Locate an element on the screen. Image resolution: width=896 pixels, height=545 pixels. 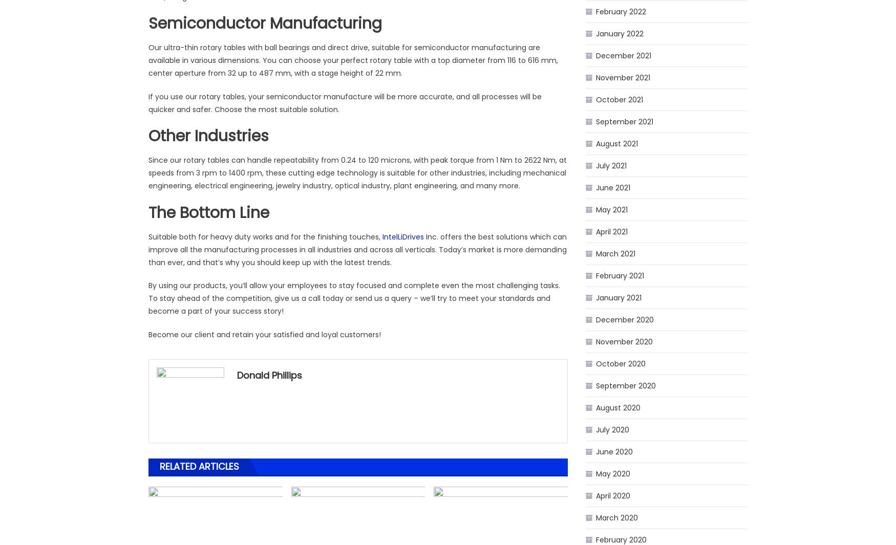
'August 2021' is located at coordinates (617, 143).